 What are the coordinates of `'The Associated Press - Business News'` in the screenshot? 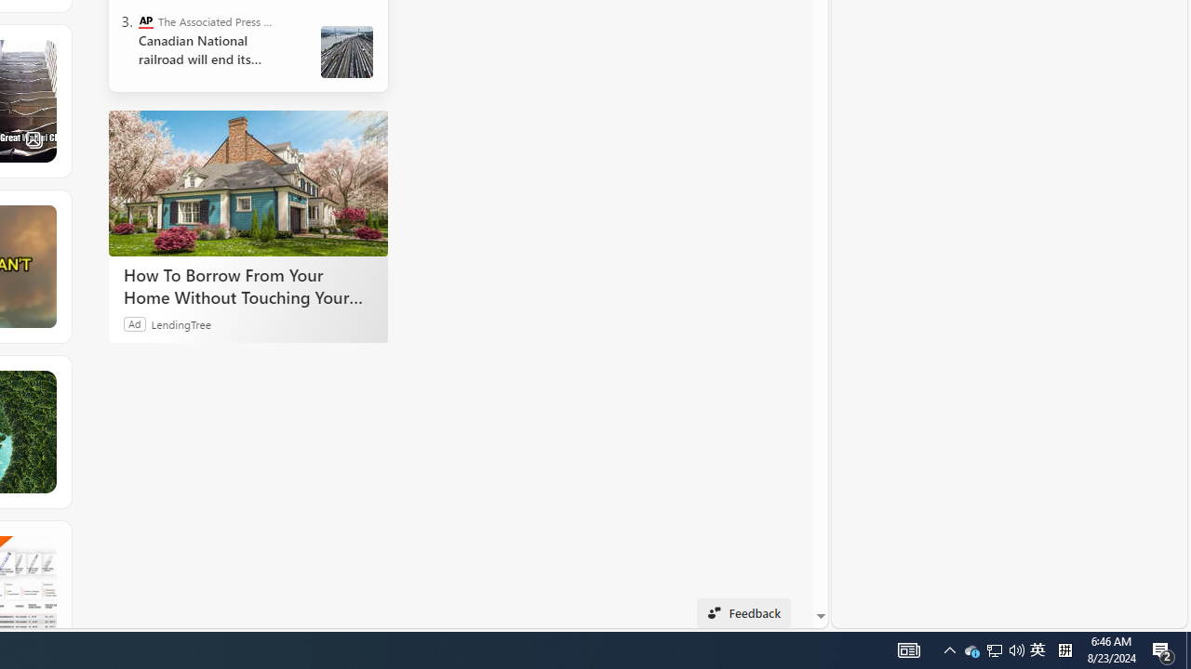 It's located at (144, 21).